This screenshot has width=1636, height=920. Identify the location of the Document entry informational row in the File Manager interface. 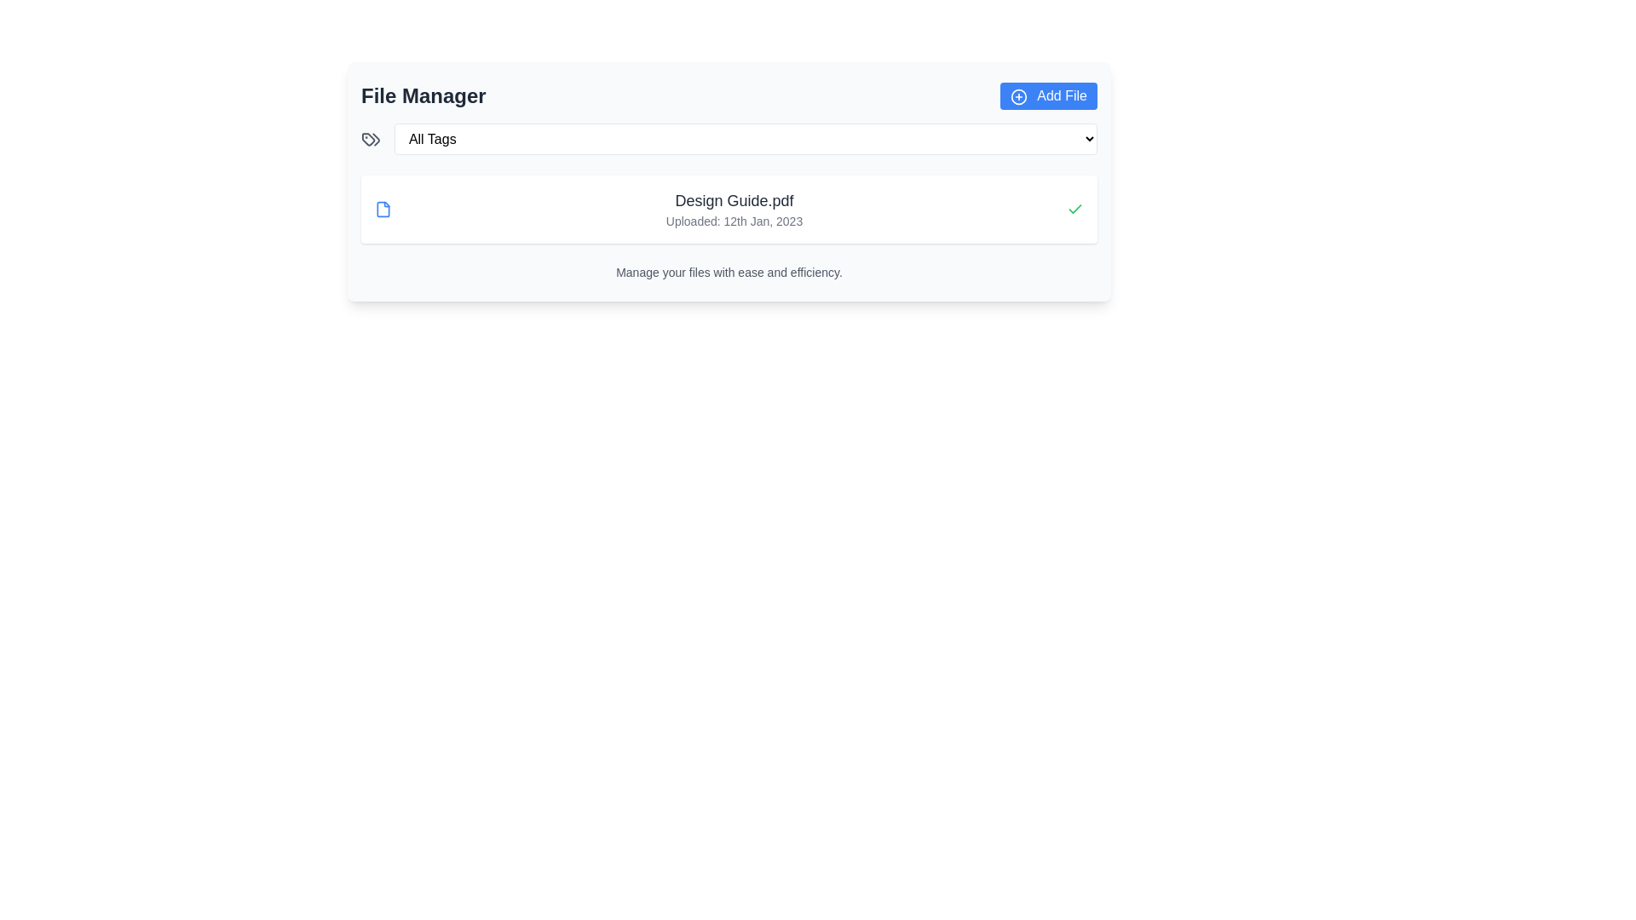
(729, 209).